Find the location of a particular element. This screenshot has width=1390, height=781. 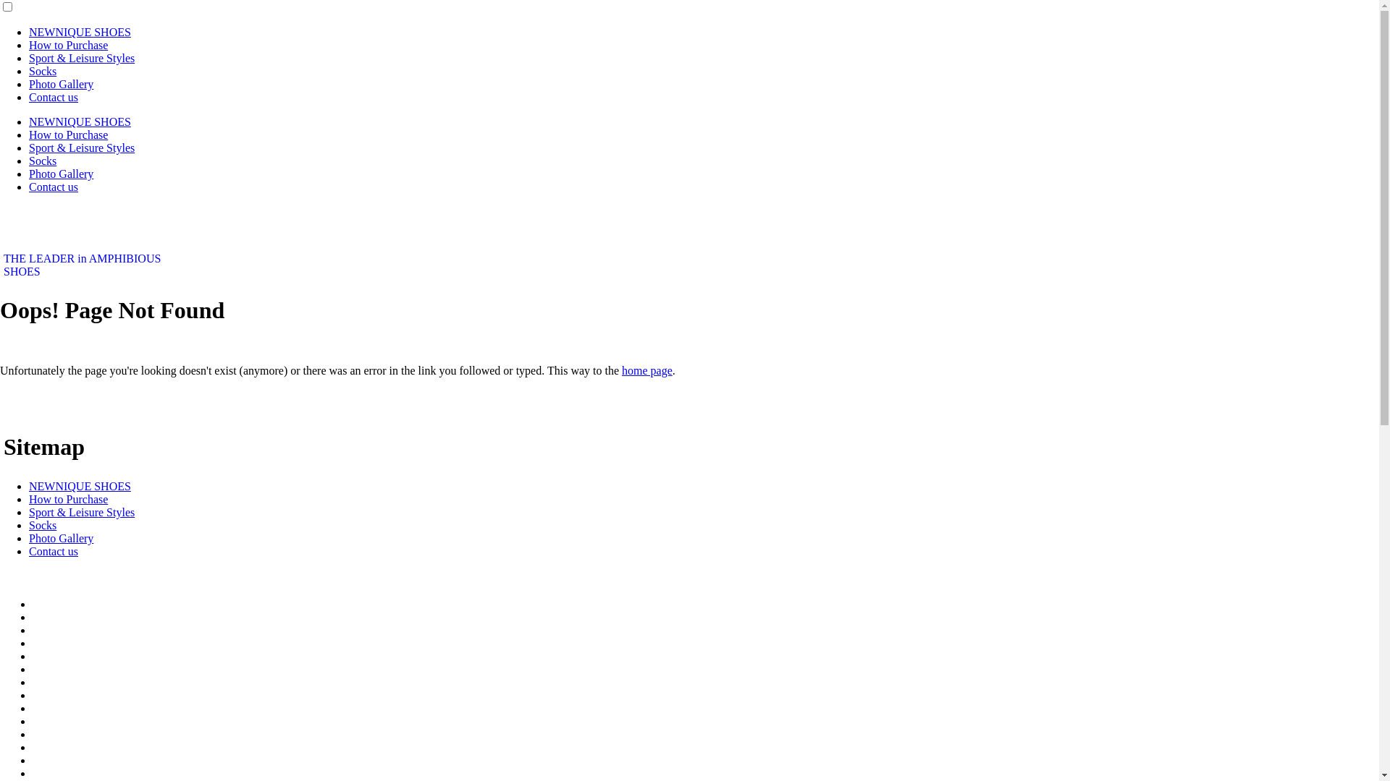

'NEWNIQUE SHOES' is located at coordinates (28, 32).